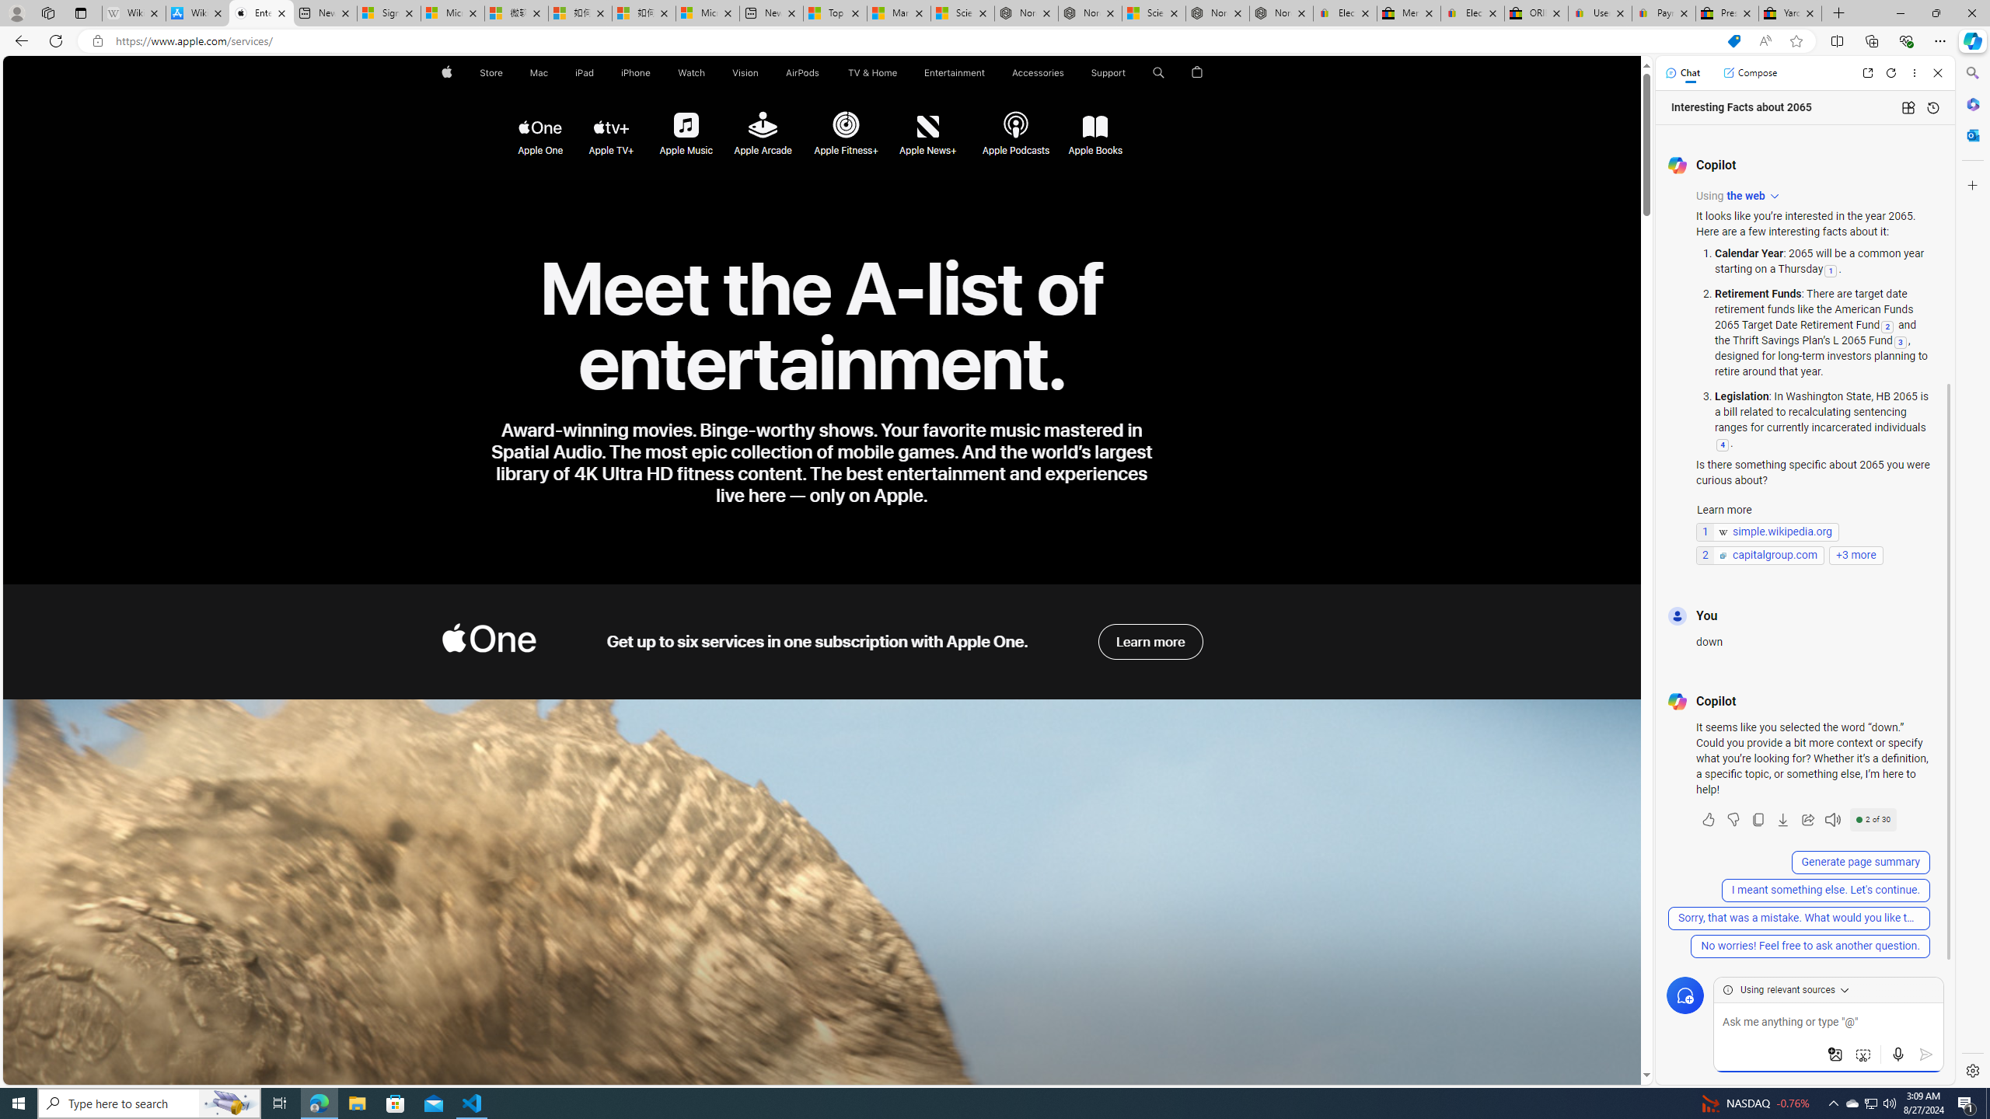 The image size is (1990, 1119). Describe the element at coordinates (801, 72) in the screenshot. I see `'AirPods'` at that location.